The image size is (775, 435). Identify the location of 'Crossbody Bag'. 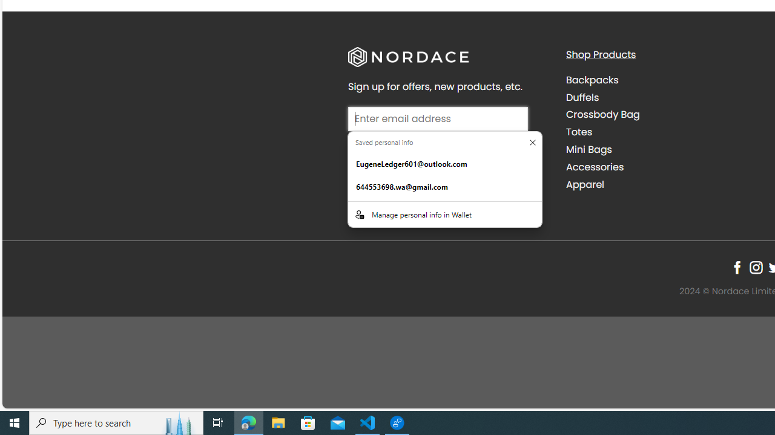
(602, 115).